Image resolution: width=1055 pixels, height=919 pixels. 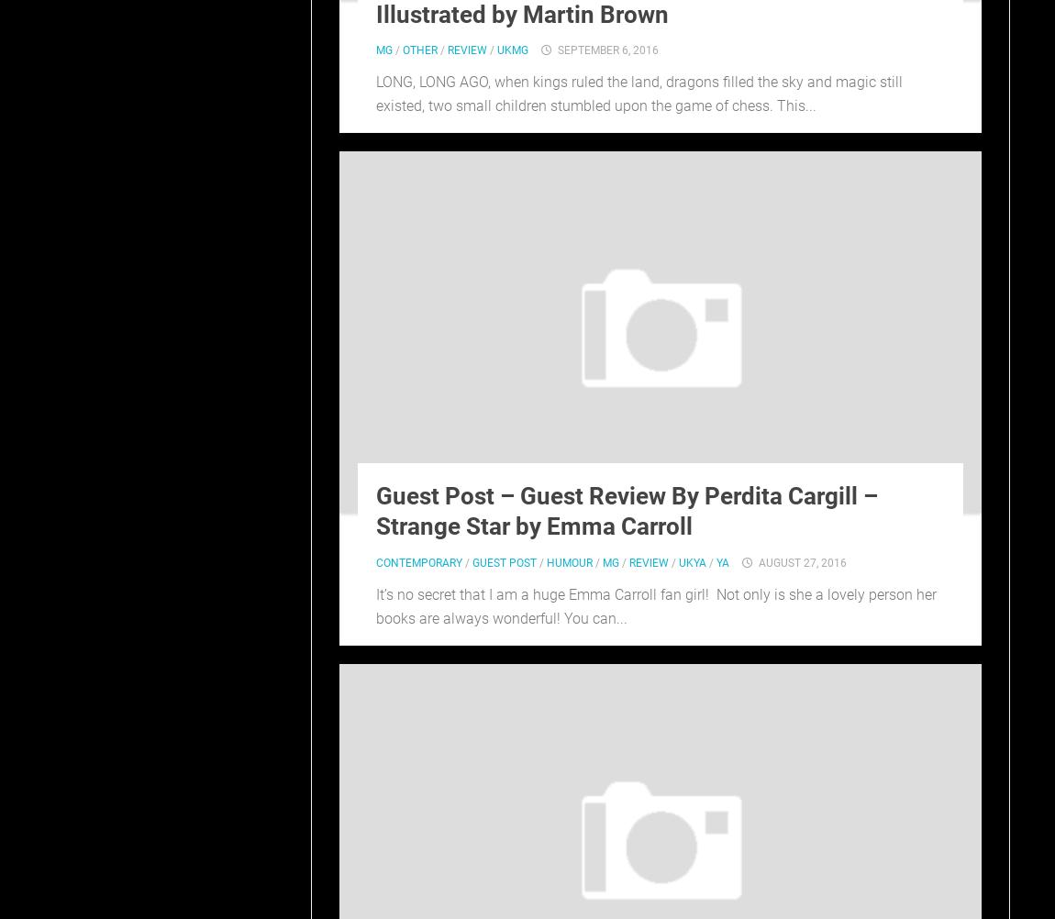 I want to click on 'UKMG', so click(x=513, y=50).